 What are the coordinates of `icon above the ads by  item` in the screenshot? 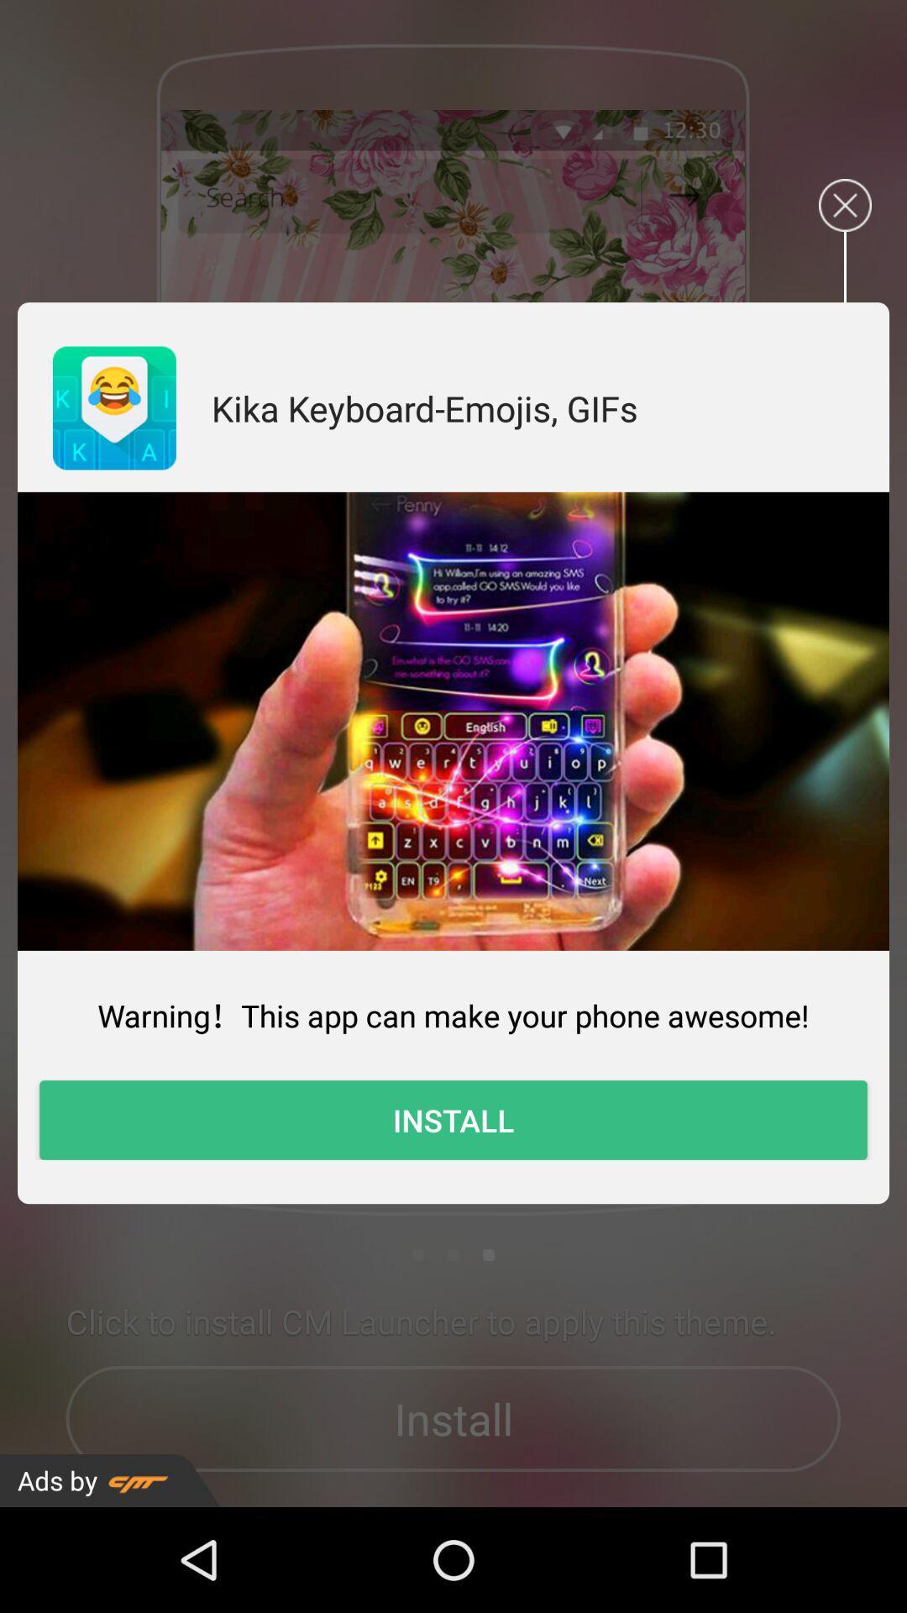 It's located at (453, 1120).